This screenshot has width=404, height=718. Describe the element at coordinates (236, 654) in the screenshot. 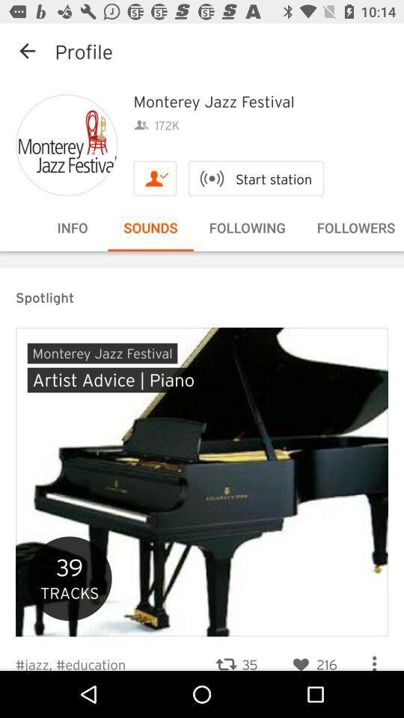

I see `icon next to #jazz, #education icon` at that location.